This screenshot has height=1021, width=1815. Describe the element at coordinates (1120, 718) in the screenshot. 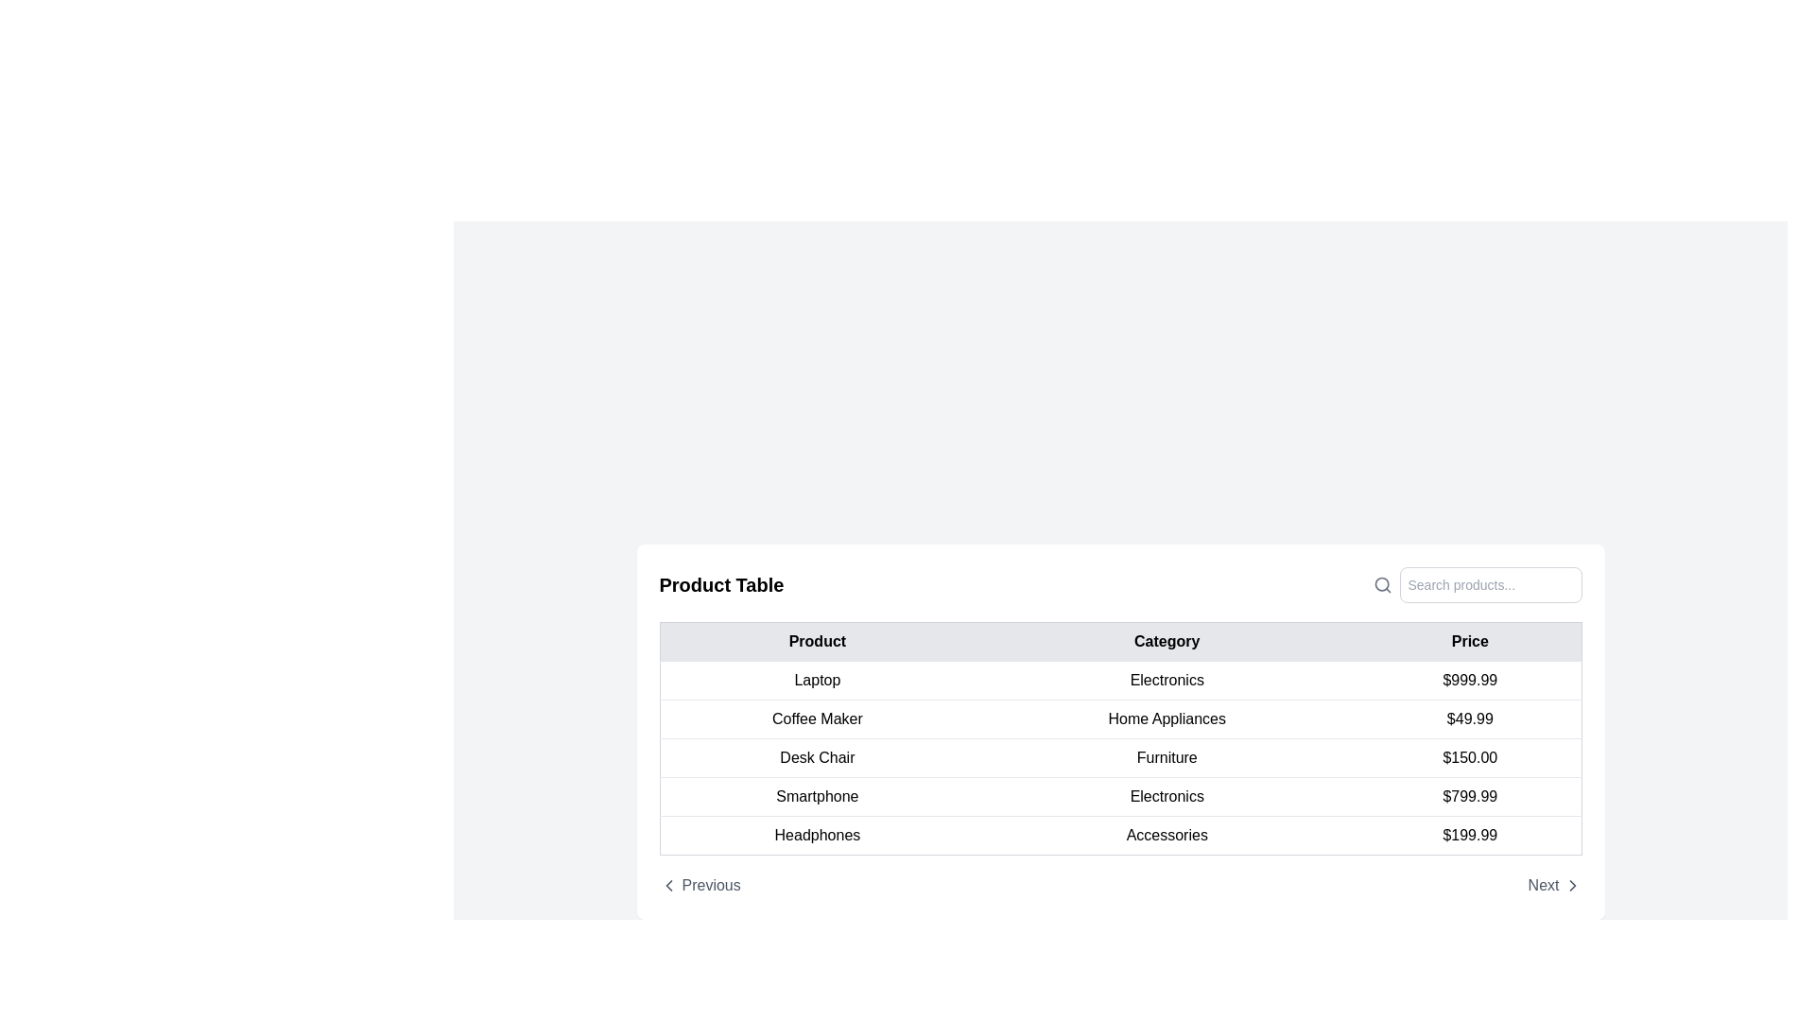

I see `the second row item in the product table that contains detailed information about a product, located centrally under the 'Product', 'Category', and 'Price' headers` at that location.